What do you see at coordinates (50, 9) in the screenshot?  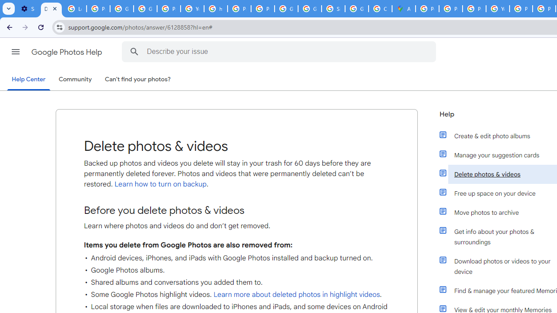 I see `'Delete photos & videos - Computer - Google Photos Help'` at bounding box center [50, 9].